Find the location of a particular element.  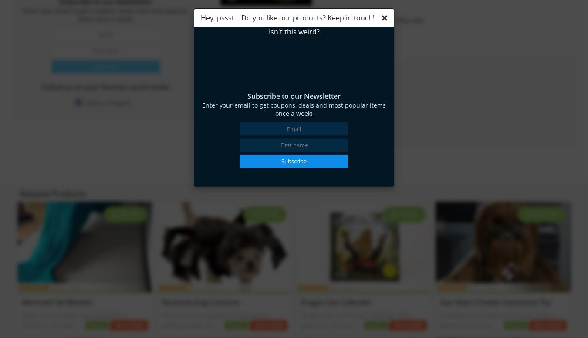

'Enter your email to get coupons, deals and most popular items once a week!' is located at coordinates (294, 109).